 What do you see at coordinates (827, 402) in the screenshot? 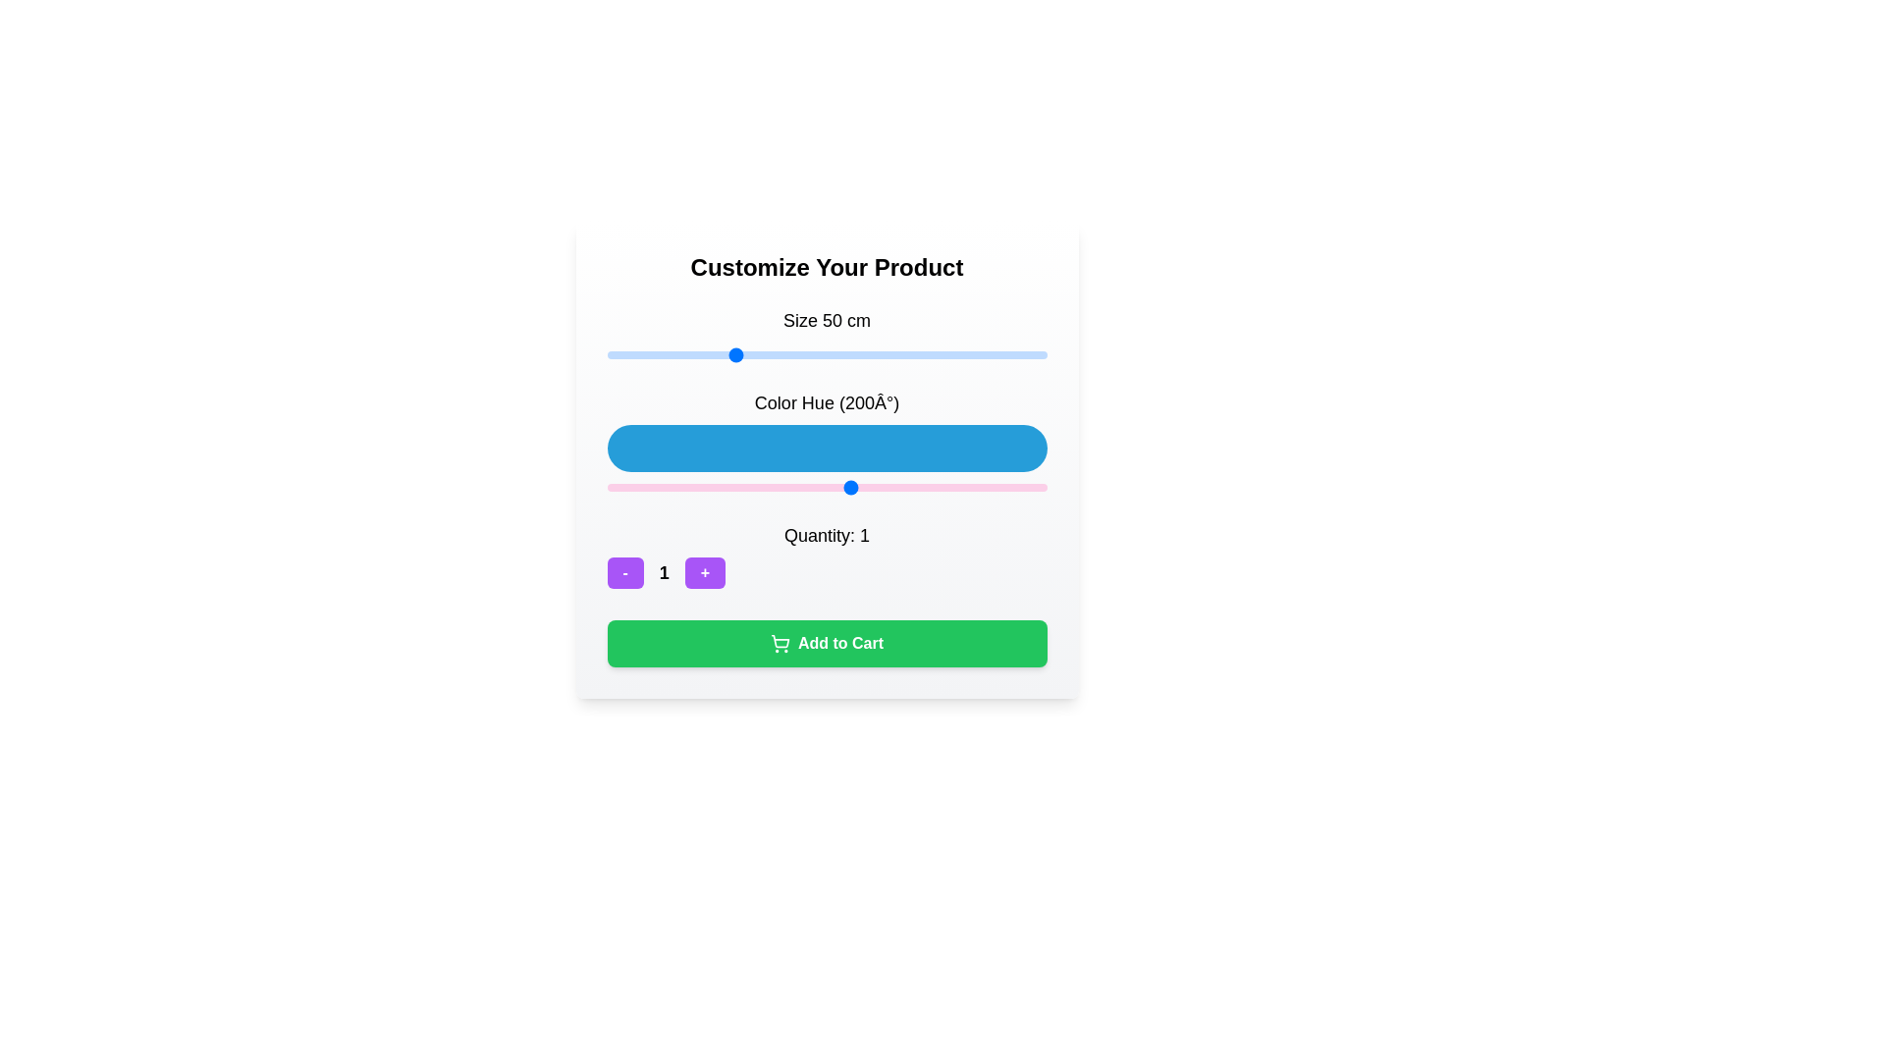
I see `the text label reading 'Color Hue (200°)' which is styled in a large font size and is positioned above a blue bar element` at bounding box center [827, 402].